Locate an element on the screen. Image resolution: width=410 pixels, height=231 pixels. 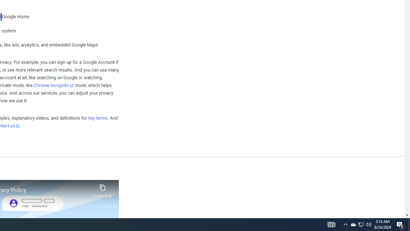
'Chrome Incognito' is located at coordinates (53, 85).